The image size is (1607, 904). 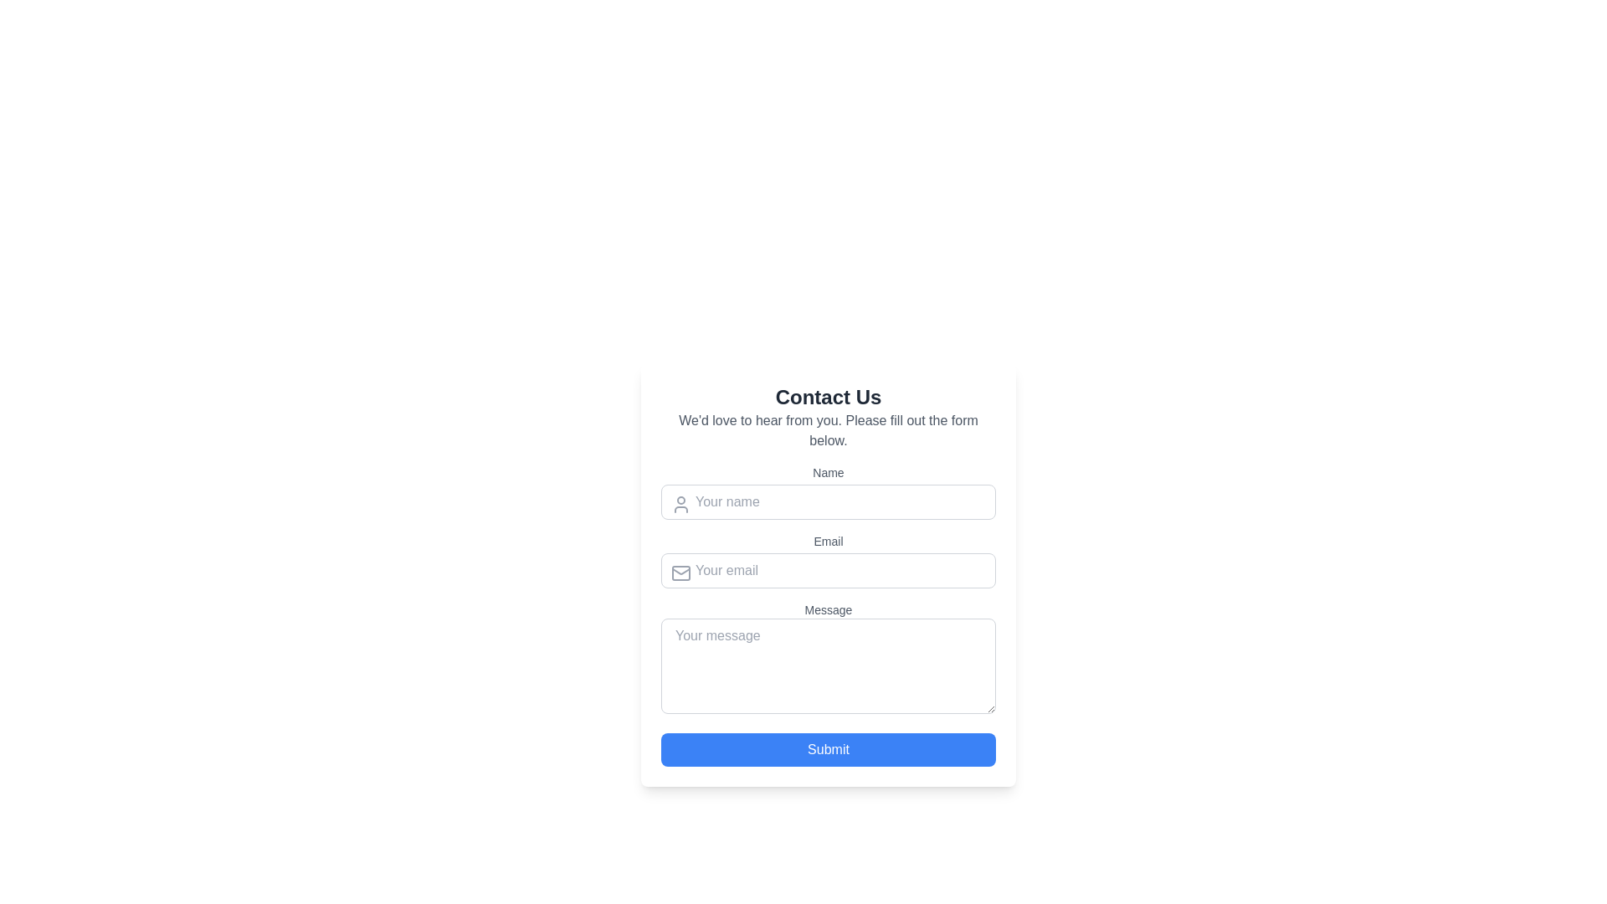 What do you see at coordinates (828, 542) in the screenshot?
I see `the text label that indicates users should provide their email address, which is positioned above the 'Your email' input field` at bounding box center [828, 542].